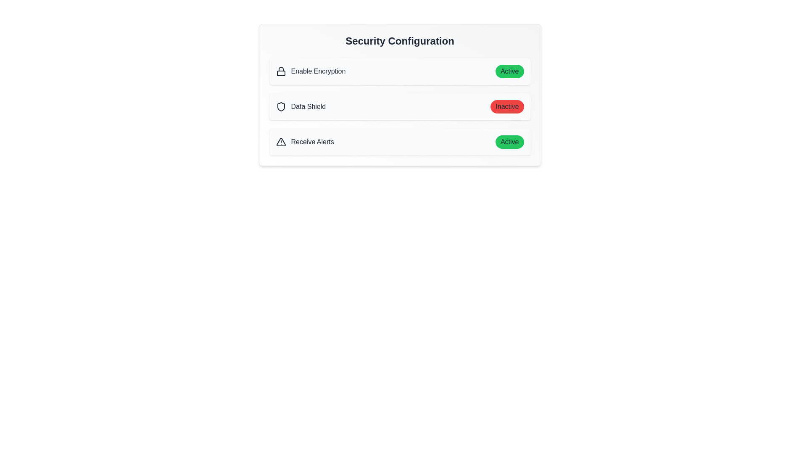 The height and width of the screenshot is (454, 807). Describe the element at coordinates (509, 71) in the screenshot. I see `the 'Active' status button for the 'Enable Encryption' feature located on the right side of the row in the 'Security Configuration' panel` at that location.